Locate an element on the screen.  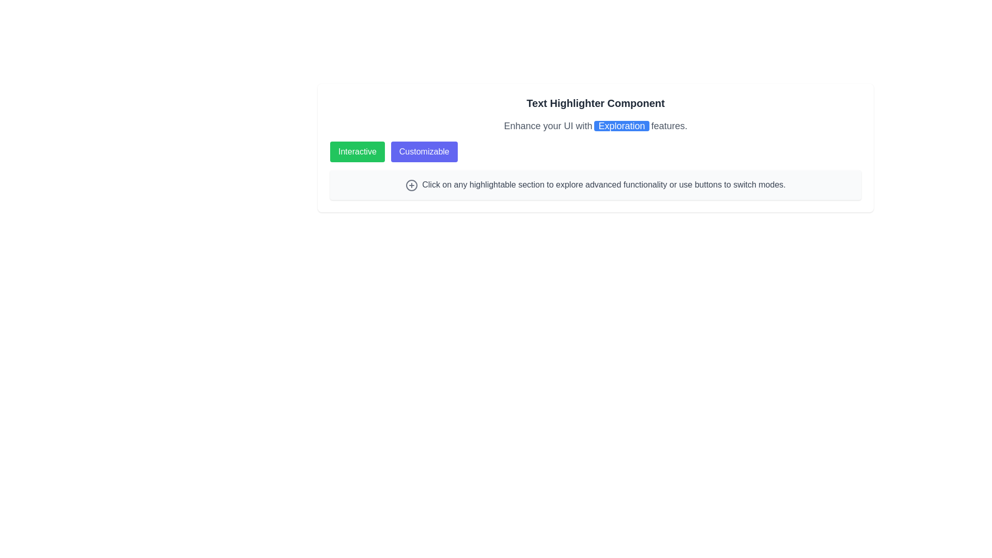
the icon that visually emphasizes the start of the instruction in the text segment, indicating interactivity and providing visual aid is located at coordinates (411, 184).